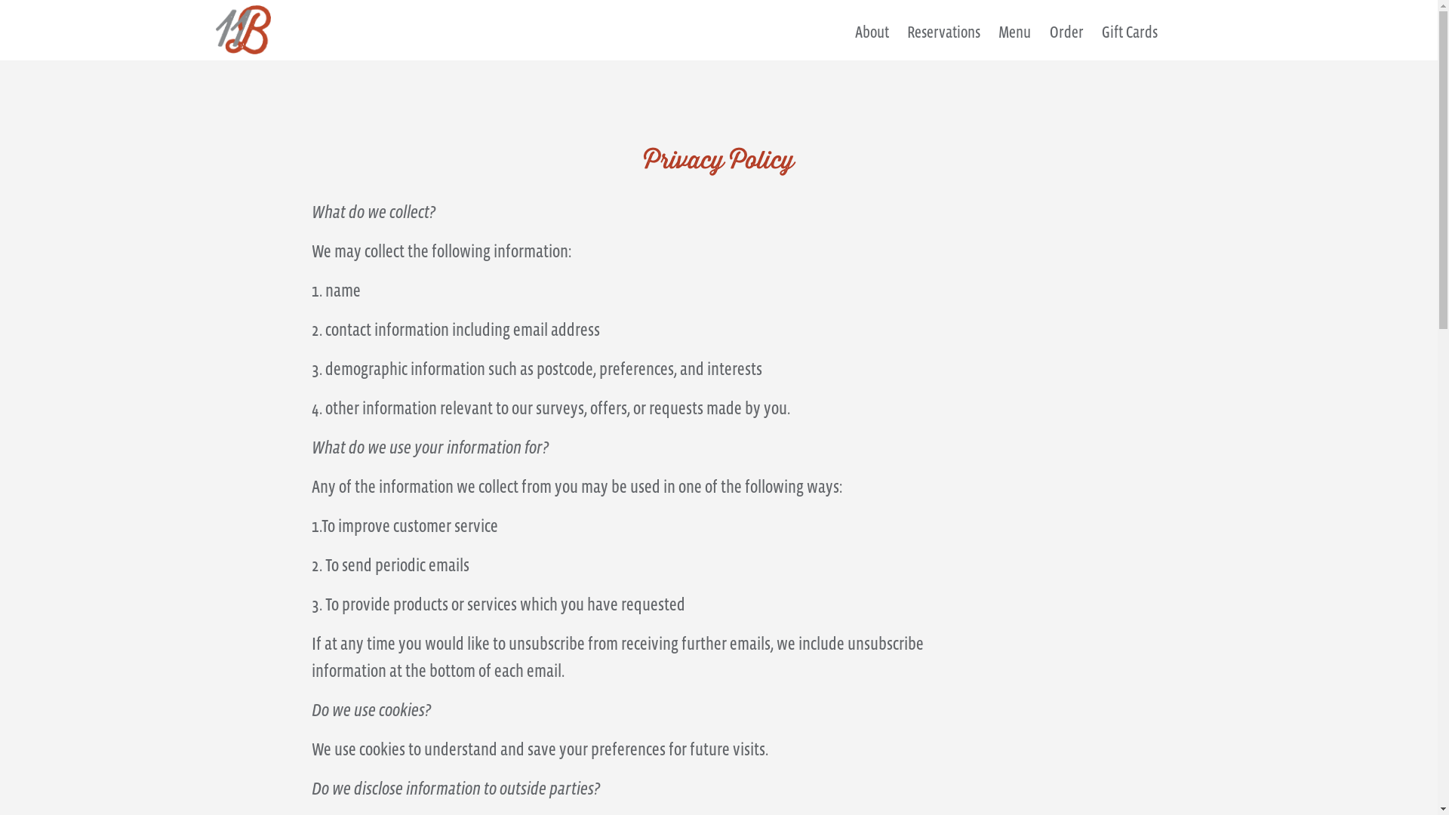  What do you see at coordinates (1014, 39) in the screenshot?
I see `'Menu'` at bounding box center [1014, 39].